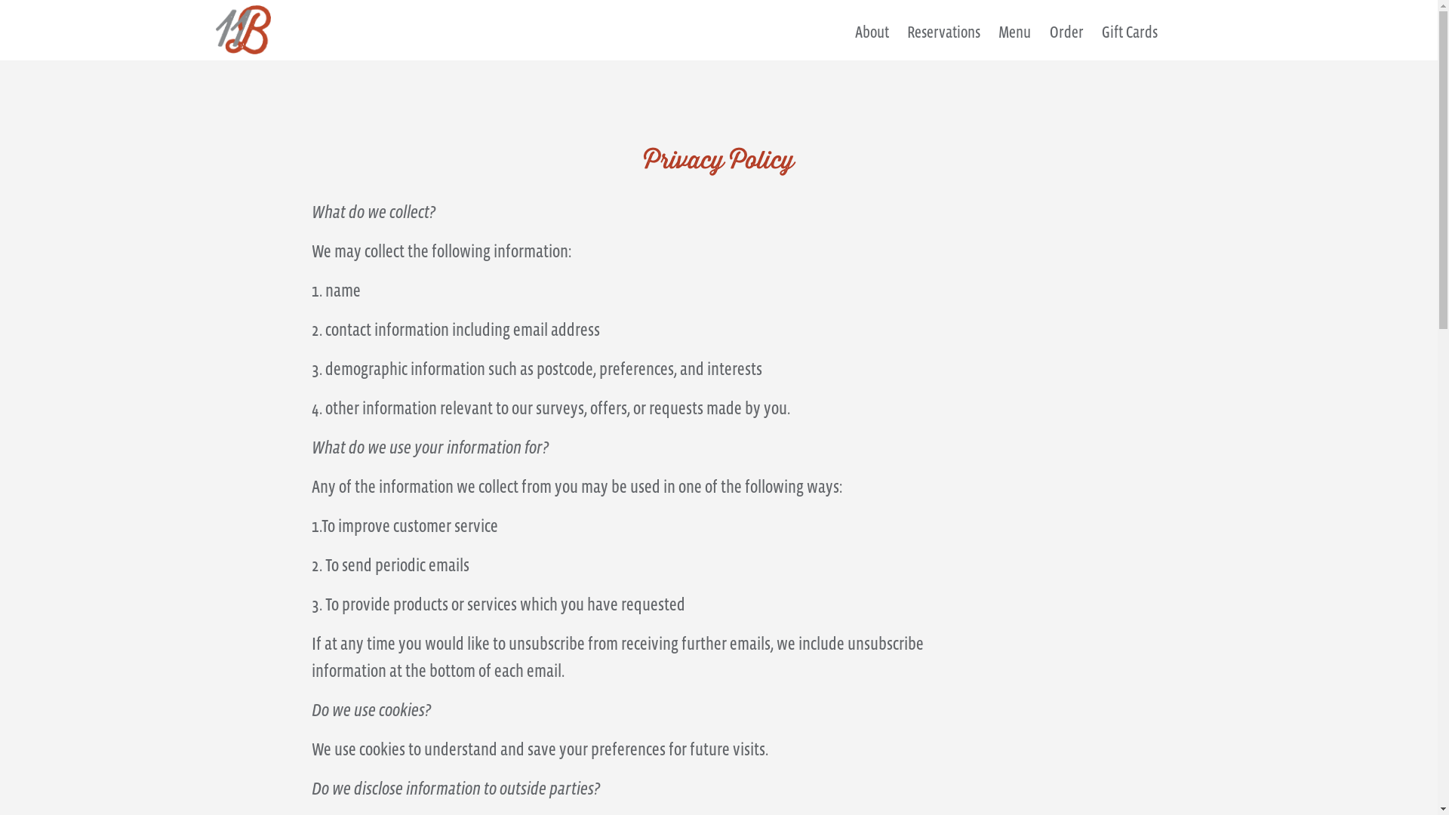  What do you see at coordinates (1014, 39) in the screenshot?
I see `'Menu'` at bounding box center [1014, 39].